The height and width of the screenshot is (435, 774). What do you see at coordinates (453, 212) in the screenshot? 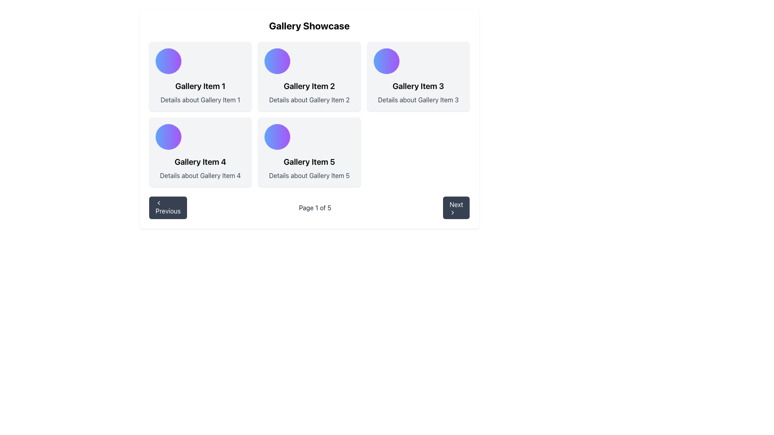
I see `the rightward-pointing chevron icon that is centered within the 'Next' button at the bottom-right corner of the interface` at bounding box center [453, 212].